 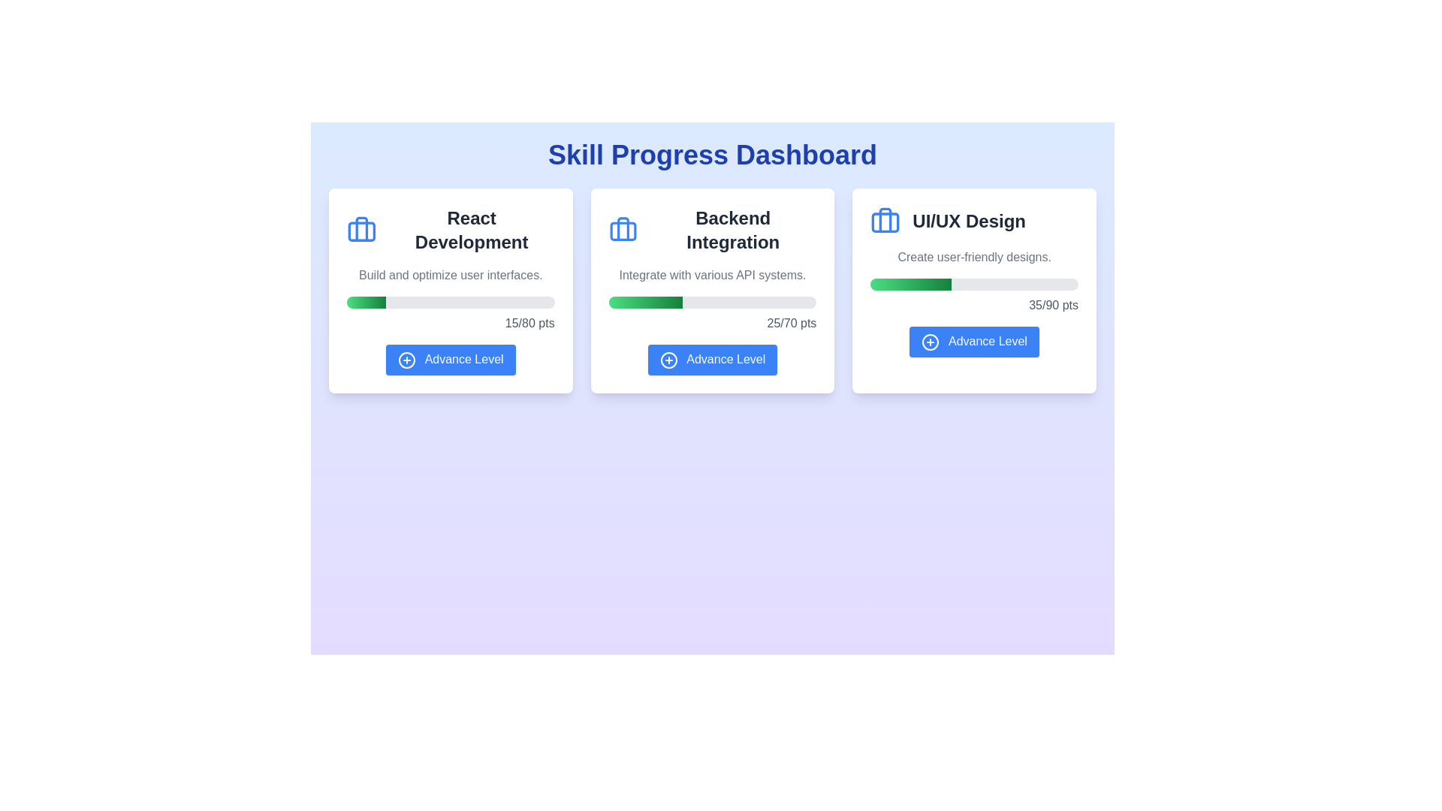 I want to click on the Text Label that serves as a title for the section related to backend integration, located in the central card of a 3-card layout in the Skill Progress Dashboard, so click(x=733, y=231).